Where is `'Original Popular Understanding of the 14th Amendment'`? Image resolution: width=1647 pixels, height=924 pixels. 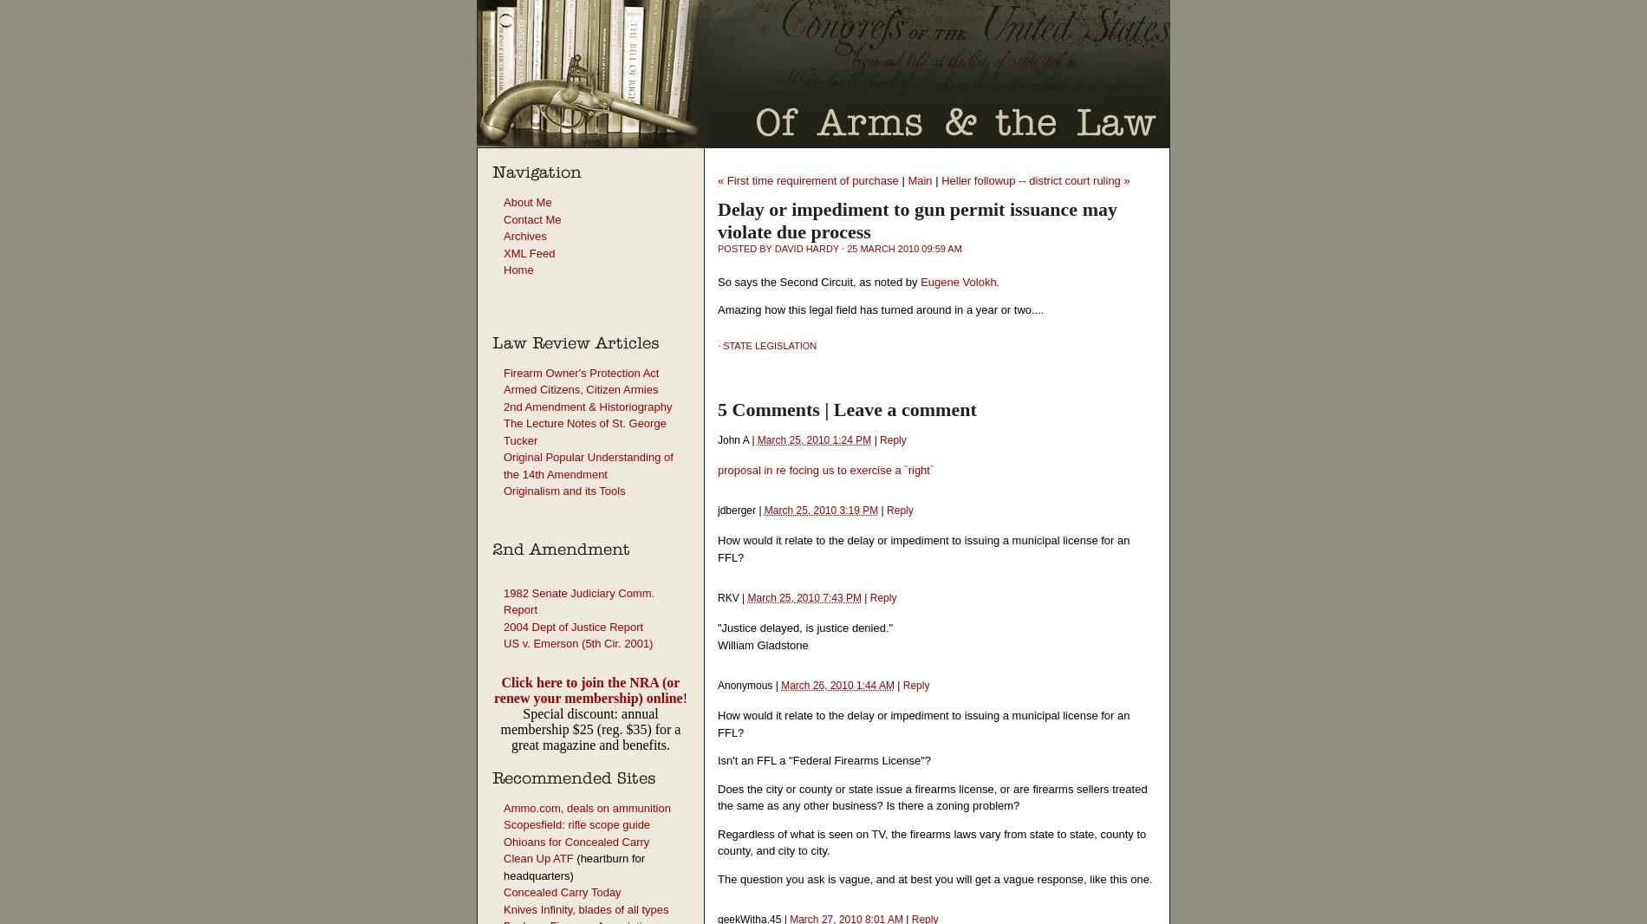
'Original Popular Understanding of the 14th Amendment' is located at coordinates (588, 465).